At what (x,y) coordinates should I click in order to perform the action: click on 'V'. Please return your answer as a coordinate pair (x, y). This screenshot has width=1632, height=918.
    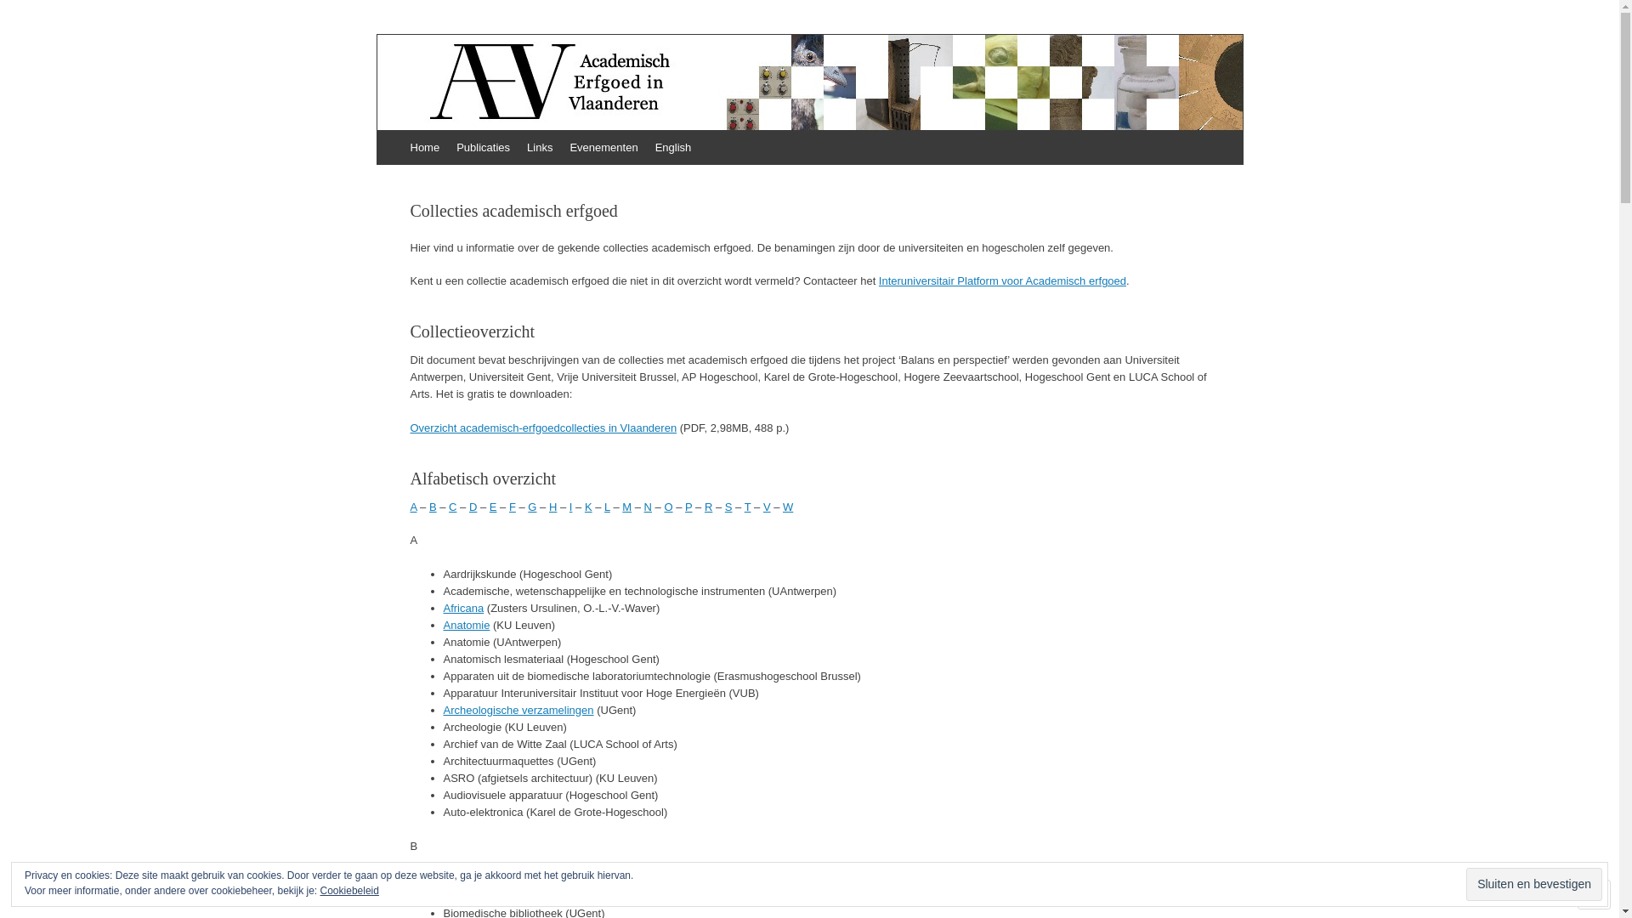
    Looking at the image, I should click on (766, 505).